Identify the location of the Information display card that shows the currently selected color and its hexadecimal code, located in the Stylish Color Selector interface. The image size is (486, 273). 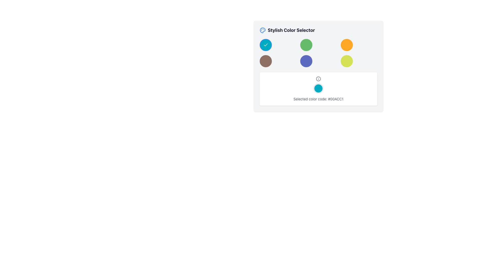
(318, 88).